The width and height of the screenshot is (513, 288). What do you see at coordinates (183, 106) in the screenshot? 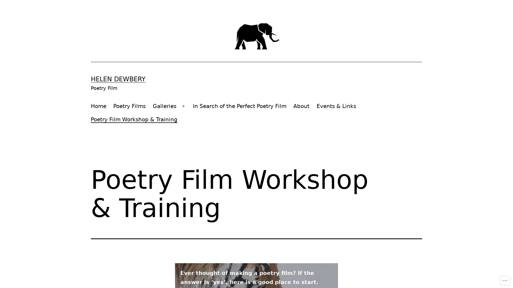
I see `Open menu` at bounding box center [183, 106].